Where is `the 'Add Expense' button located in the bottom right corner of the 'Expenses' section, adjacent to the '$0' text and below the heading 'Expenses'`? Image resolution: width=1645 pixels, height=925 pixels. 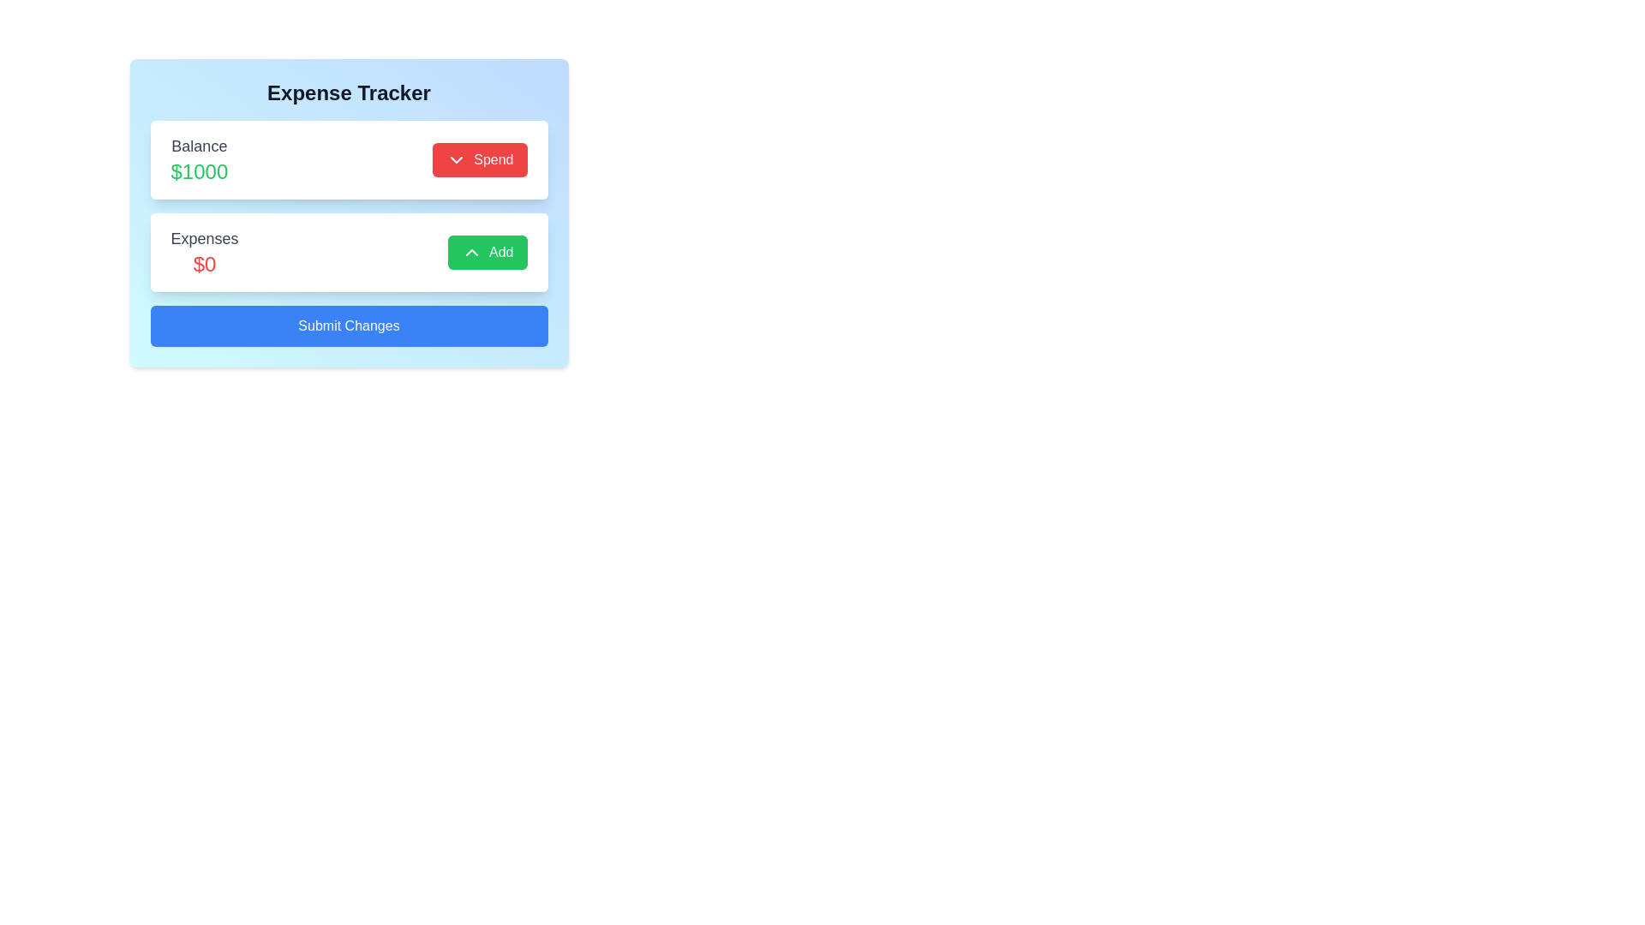 the 'Add Expense' button located in the bottom right corner of the 'Expenses' section, adjacent to the '$0' text and below the heading 'Expenses' is located at coordinates (487, 252).